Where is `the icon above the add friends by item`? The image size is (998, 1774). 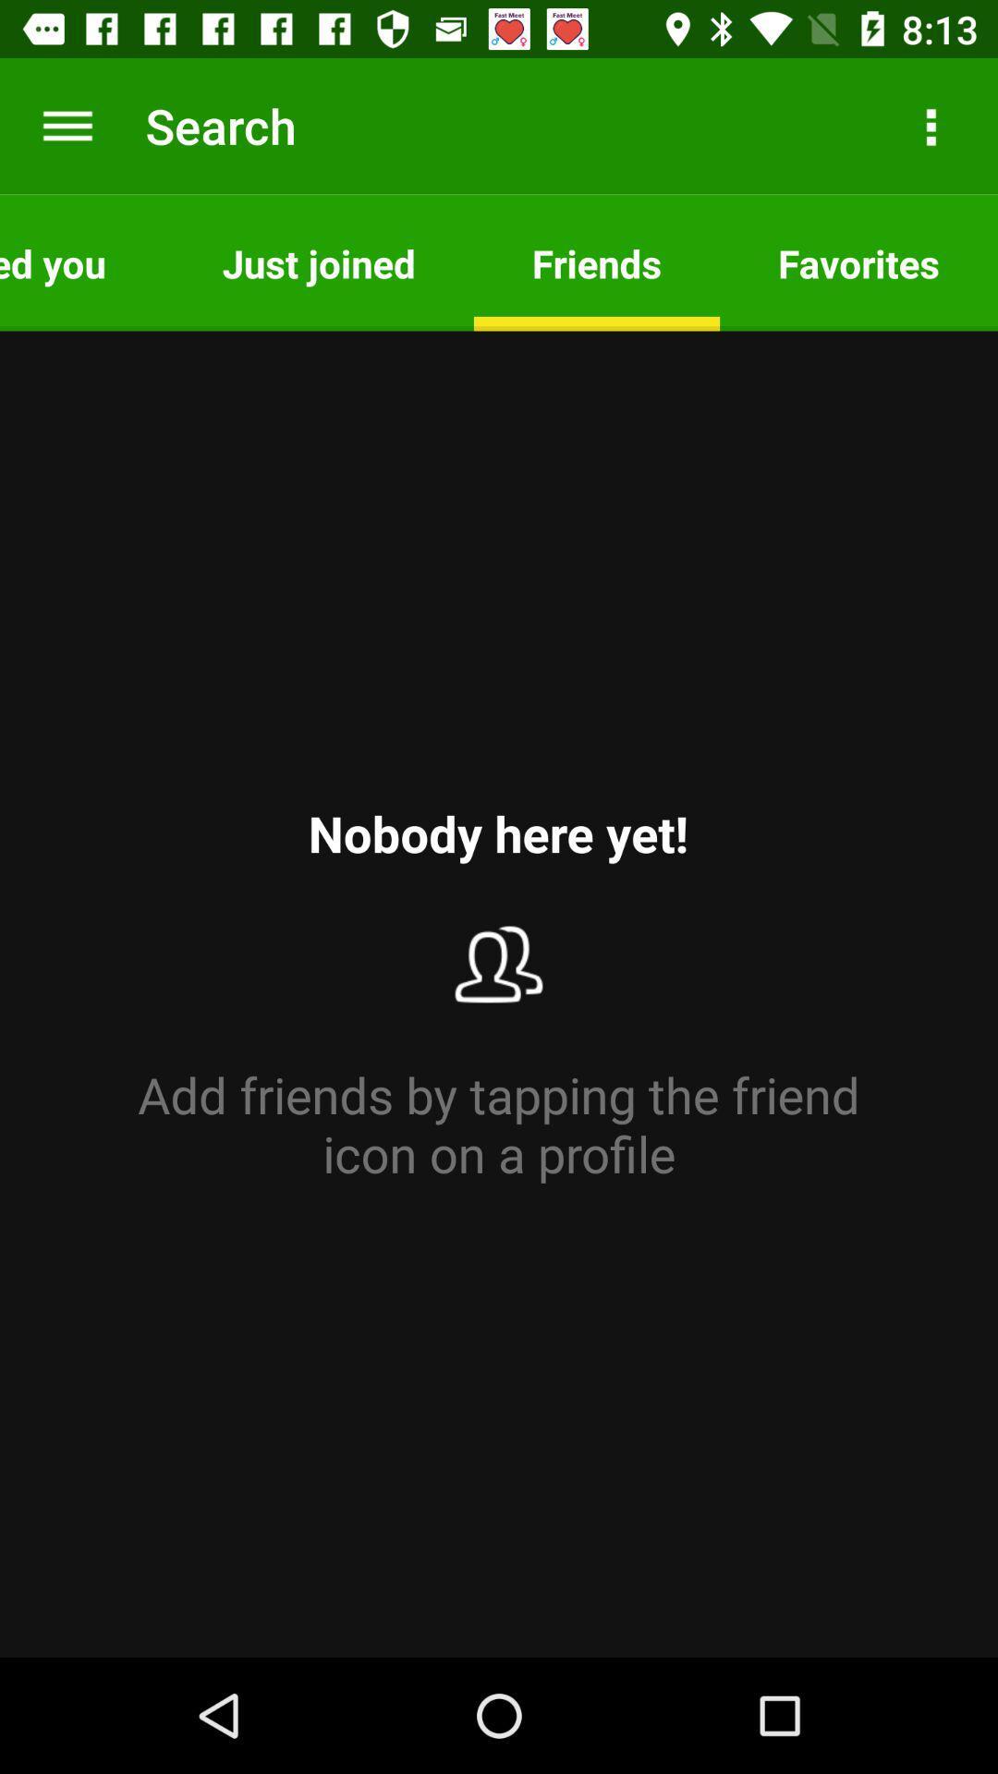 the icon above the add friends by item is located at coordinates (858, 261).